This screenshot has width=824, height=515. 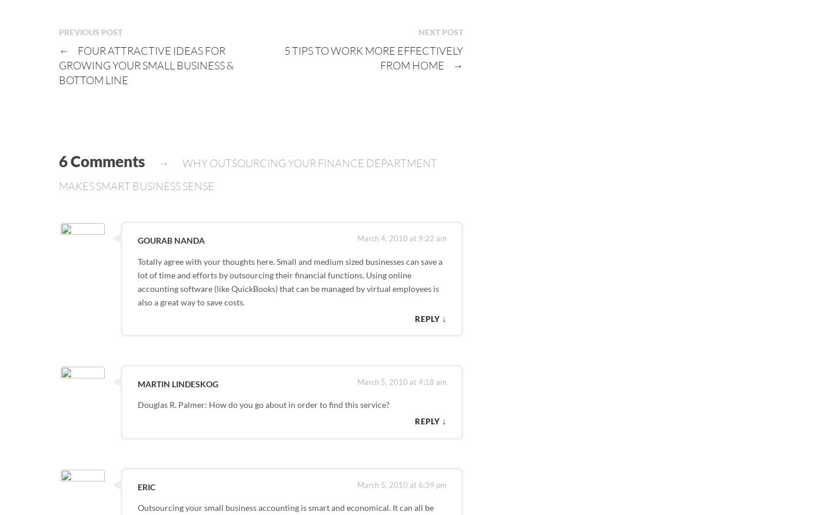 What do you see at coordinates (401, 381) in the screenshot?
I see `'March 5, 2010 at 4:18 am'` at bounding box center [401, 381].